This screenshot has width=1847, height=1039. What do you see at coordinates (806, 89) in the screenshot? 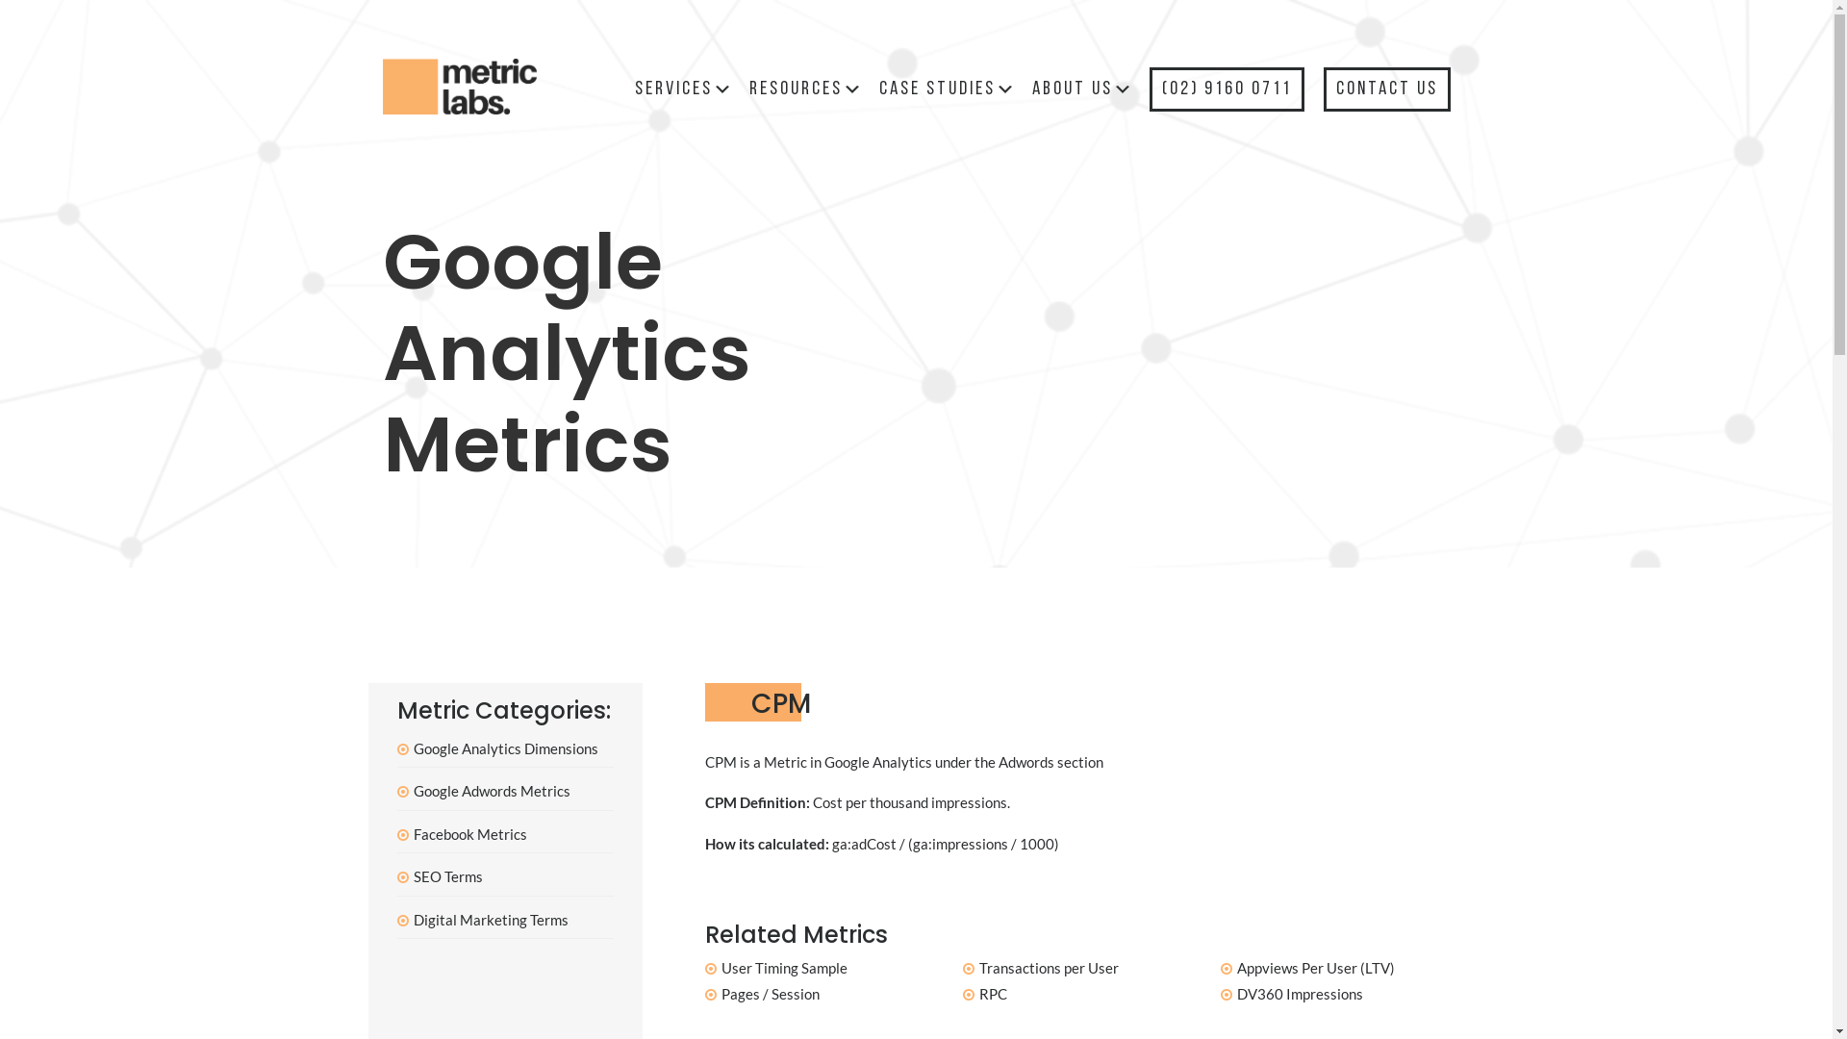
I see `'Resources'` at bounding box center [806, 89].